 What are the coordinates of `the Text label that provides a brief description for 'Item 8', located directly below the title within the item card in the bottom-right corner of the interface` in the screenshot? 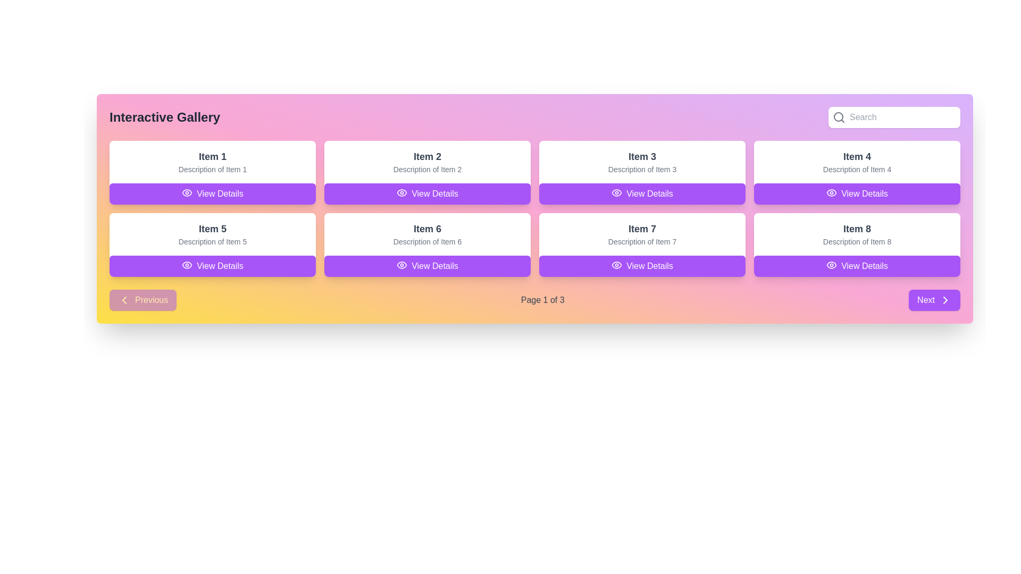 It's located at (857, 242).